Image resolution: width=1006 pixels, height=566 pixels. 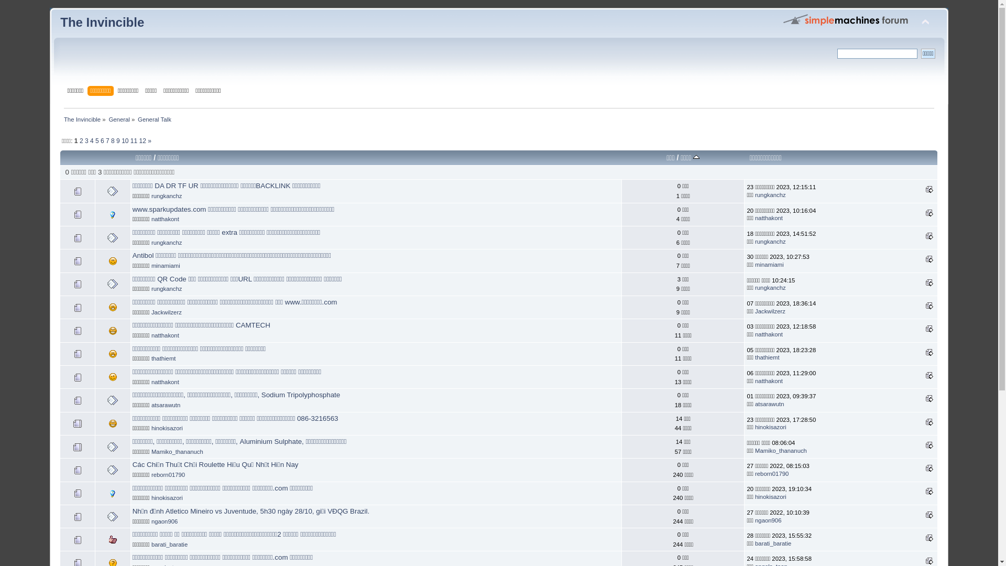 I want to click on '4', so click(x=92, y=140).